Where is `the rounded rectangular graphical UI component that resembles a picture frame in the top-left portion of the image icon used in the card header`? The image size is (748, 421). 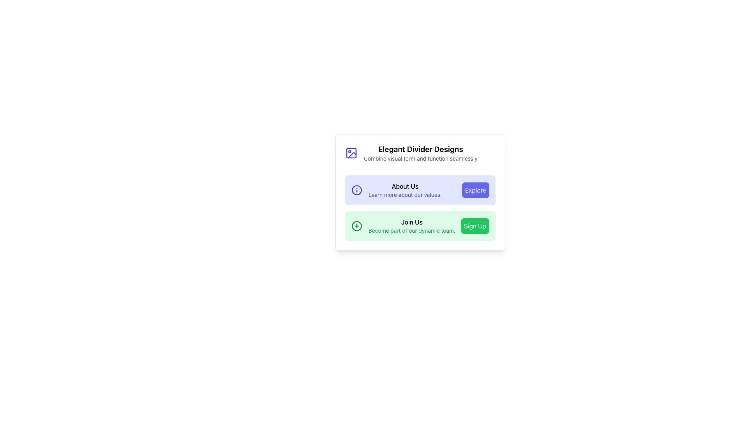
the rounded rectangular graphical UI component that resembles a picture frame in the top-left portion of the image icon used in the card header is located at coordinates (351, 153).